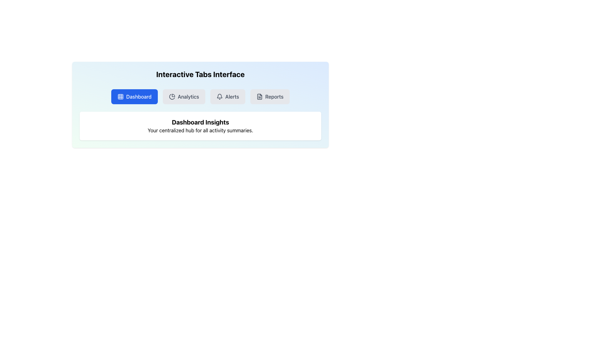  Describe the element at coordinates (219, 96) in the screenshot. I see `the functionality of the bell icon in the Alerts section of the navigation bar at the top of the interface` at that location.